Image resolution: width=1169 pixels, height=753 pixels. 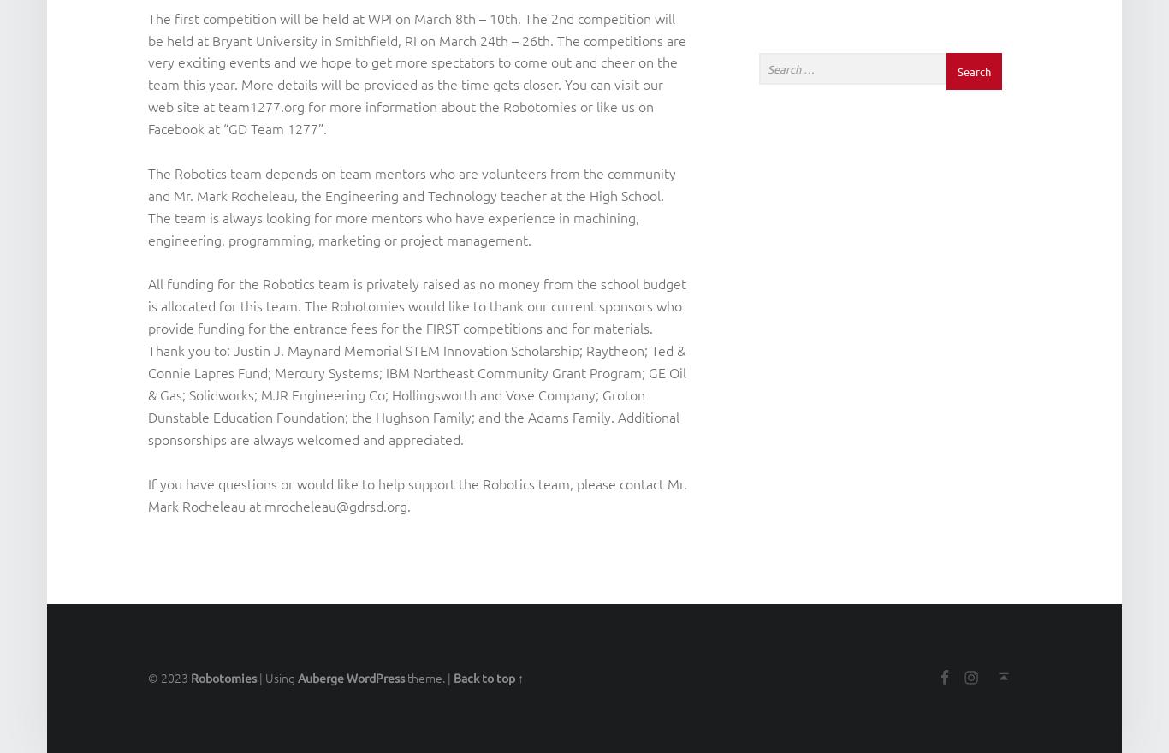 What do you see at coordinates (319, 678) in the screenshot?
I see `'Auberge'` at bounding box center [319, 678].